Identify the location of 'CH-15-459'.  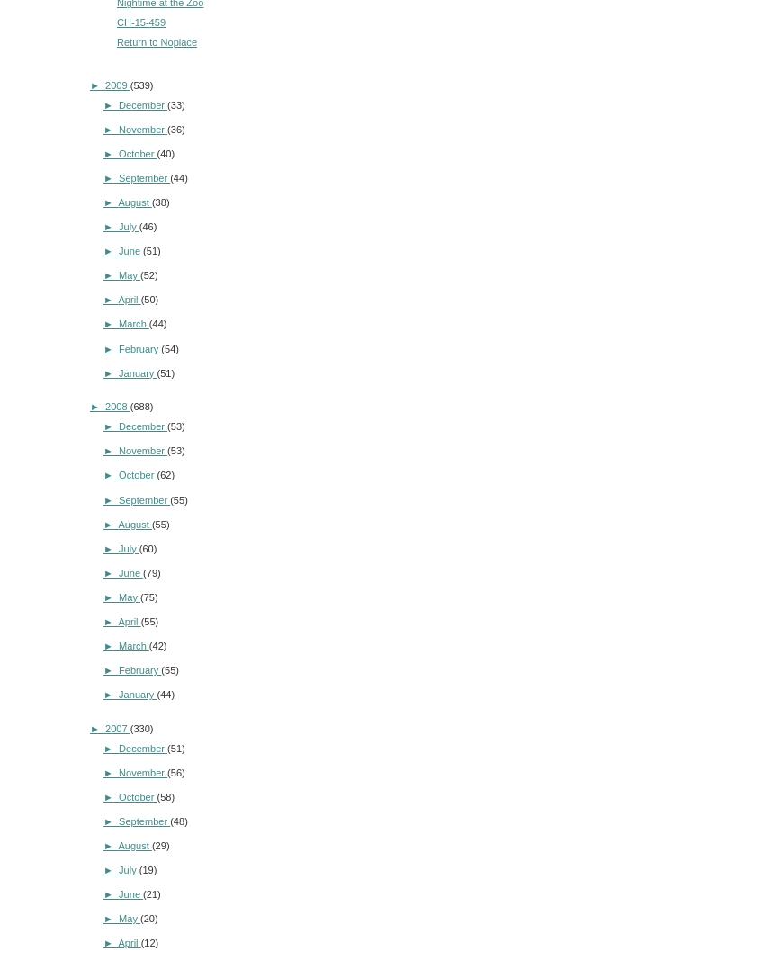
(140, 21).